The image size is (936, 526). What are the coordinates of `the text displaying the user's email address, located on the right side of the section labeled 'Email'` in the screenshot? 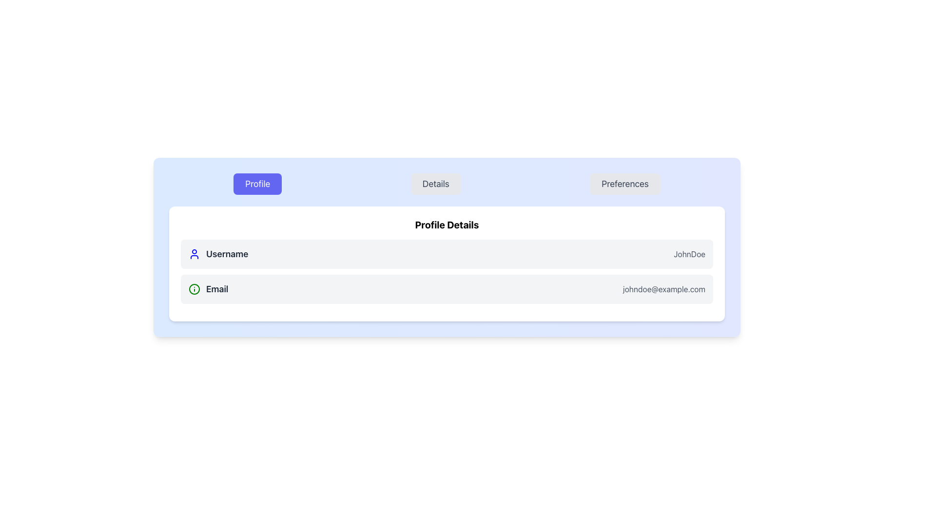 It's located at (663, 289).